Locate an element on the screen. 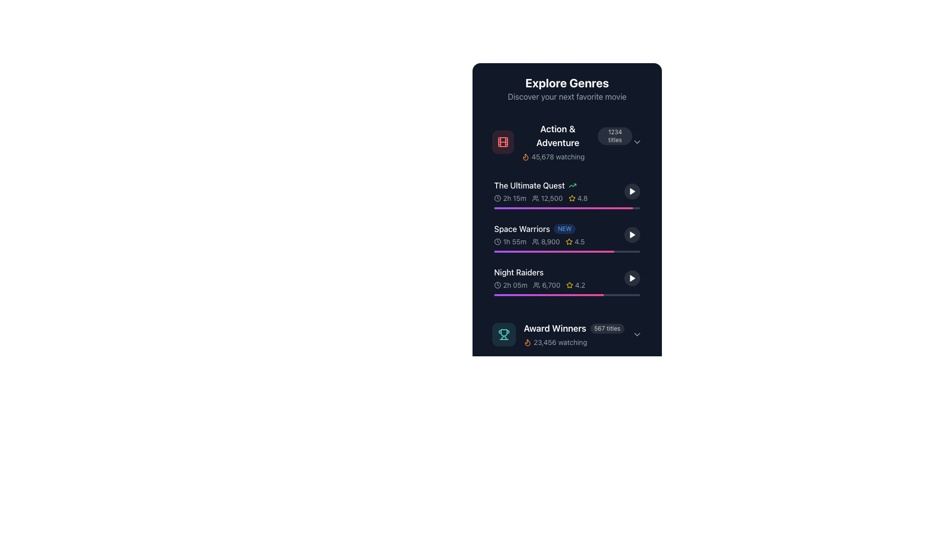 This screenshot has width=947, height=533. the rating star of the second movie entry in the 'Action & Adventure' list, which allows the user is located at coordinates (567, 234).